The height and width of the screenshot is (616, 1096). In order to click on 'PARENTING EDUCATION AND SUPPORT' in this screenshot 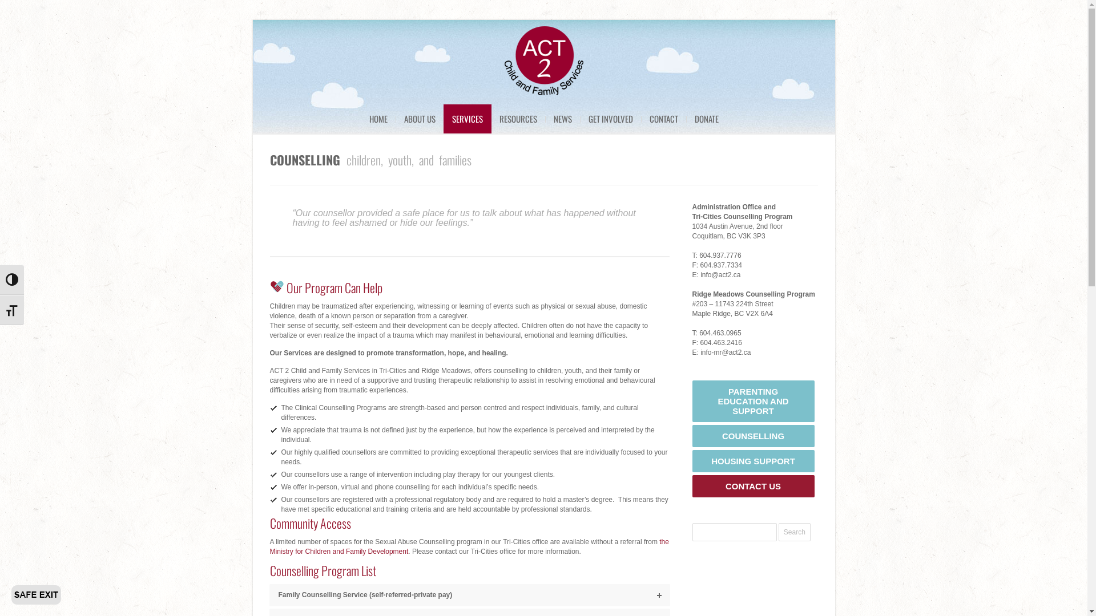, I will do `click(753, 400)`.